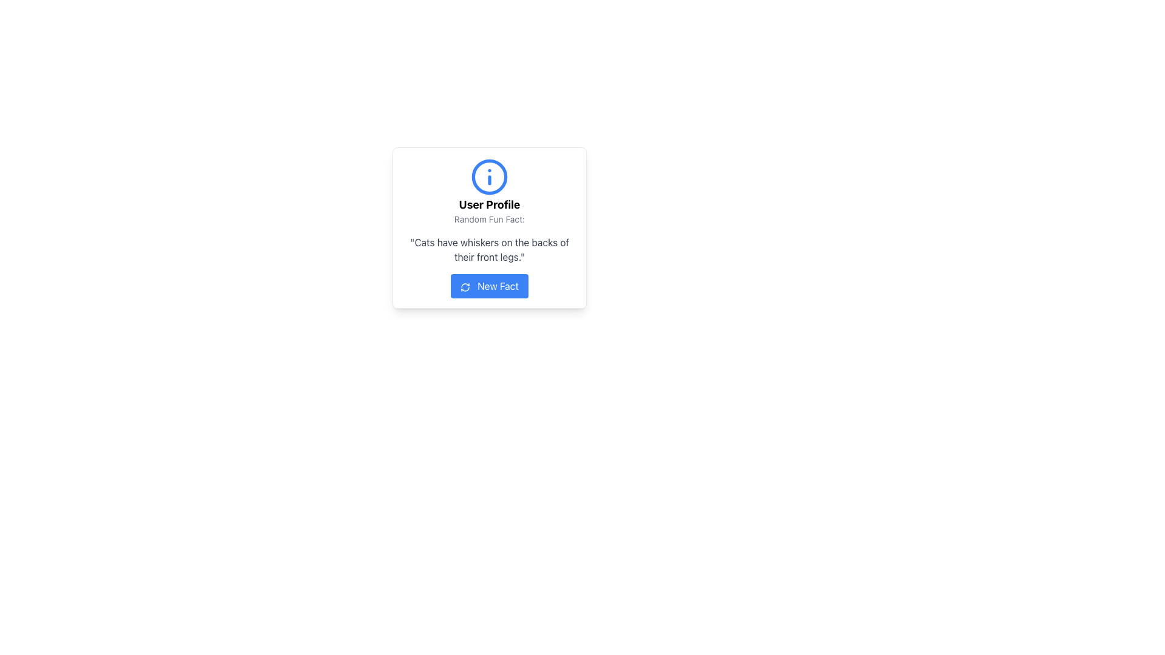  Describe the element at coordinates (489, 177) in the screenshot. I see `the information icon located at the center-top of the card above the 'User Profile' text` at that location.